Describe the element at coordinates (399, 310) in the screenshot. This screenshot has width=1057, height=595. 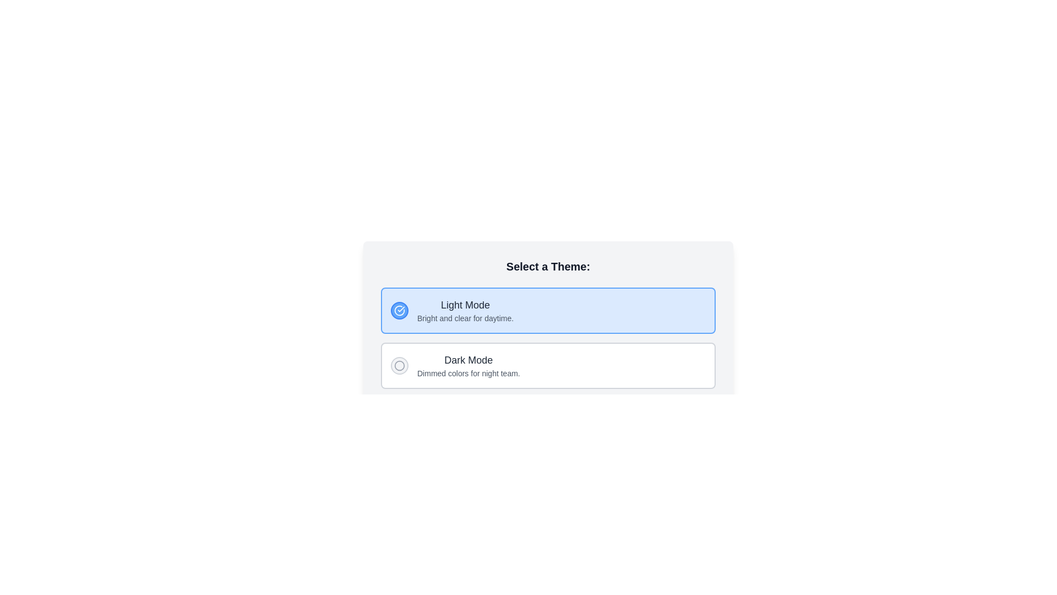
I see `the selection indicator for the 'Light Mode' option, which is currently active, located on the left side of the 'Light Mode' text in the theme selection menu` at that location.